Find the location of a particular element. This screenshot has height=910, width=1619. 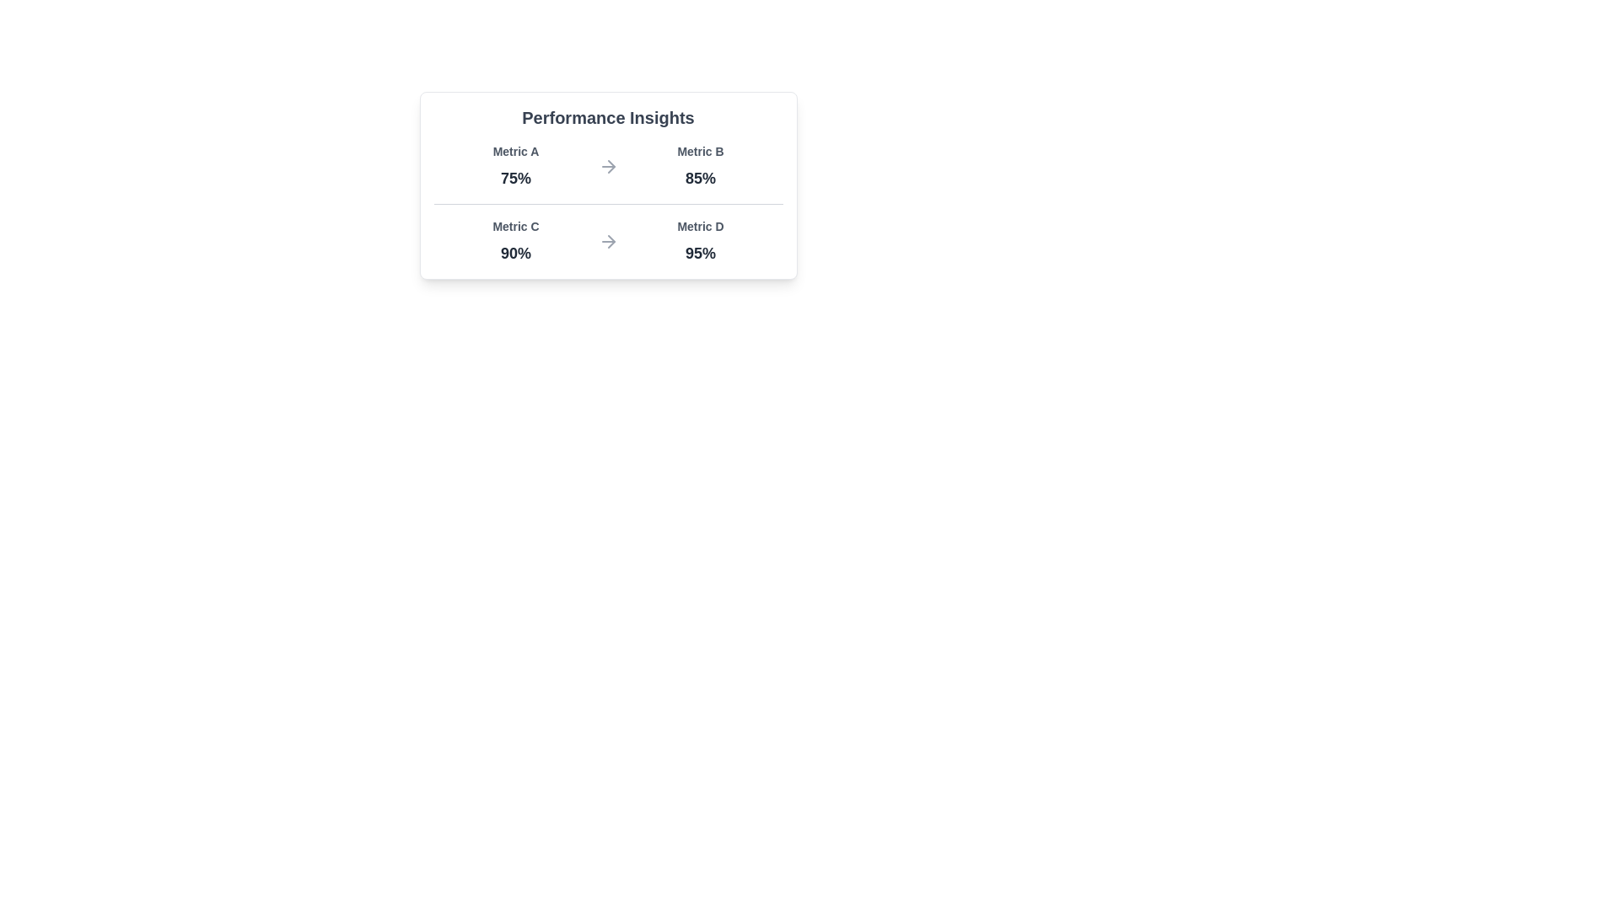

the text-based metric display element labeled 'Metric C', which shows the percentage value '90%' and is positioned under 'Performance Insights' in the bottom-left quadrant of the card is located at coordinates (514, 241).